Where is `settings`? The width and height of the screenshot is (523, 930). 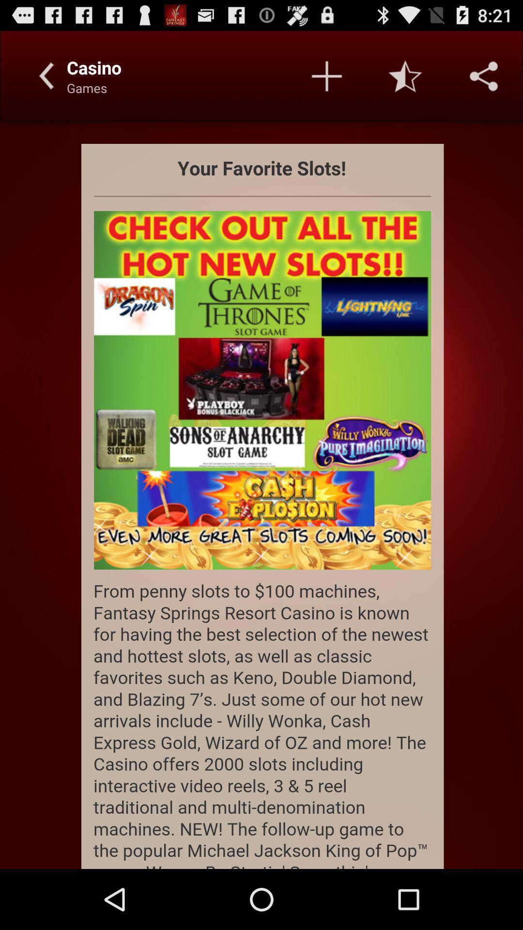 settings is located at coordinates (484, 76).